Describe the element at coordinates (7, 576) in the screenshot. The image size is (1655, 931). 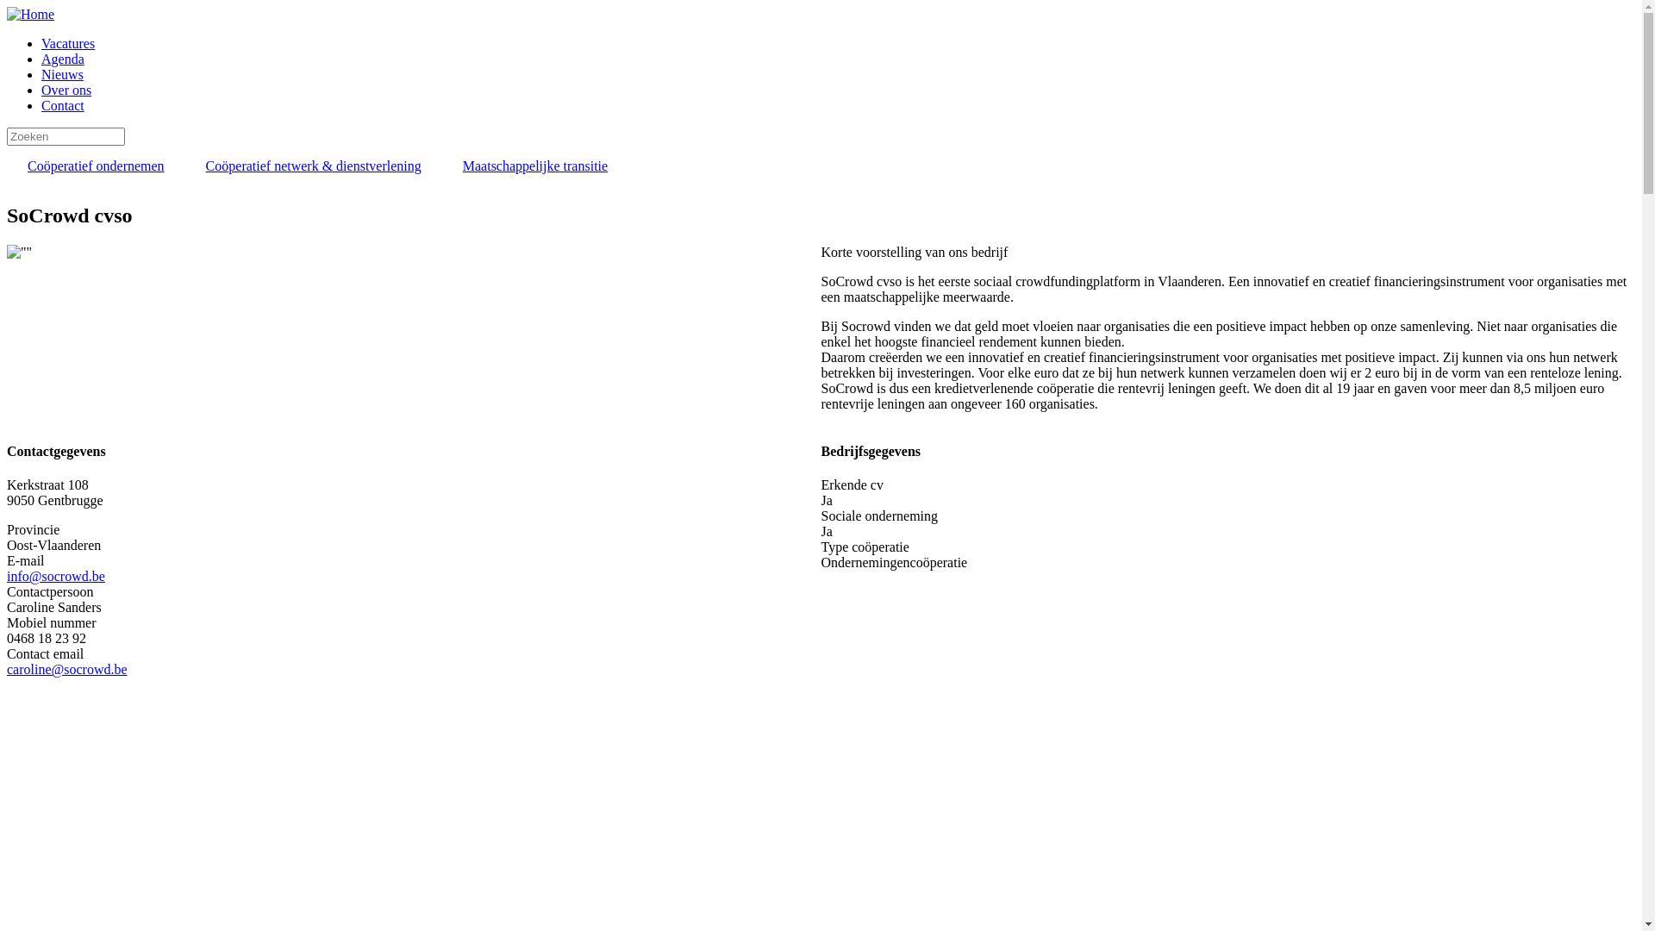
I see `'info@socrowd.be'` at that location.